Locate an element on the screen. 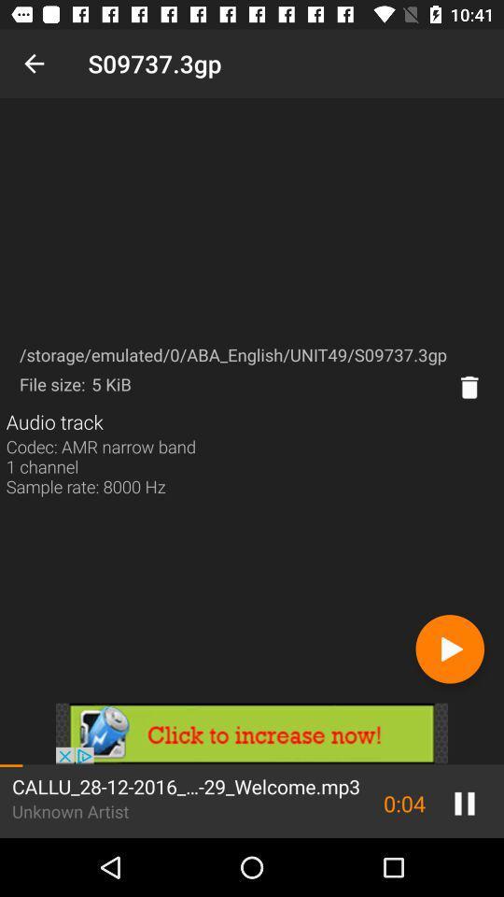 This screenshot has height=897, width=504. option is located at coordinates (449, 648).